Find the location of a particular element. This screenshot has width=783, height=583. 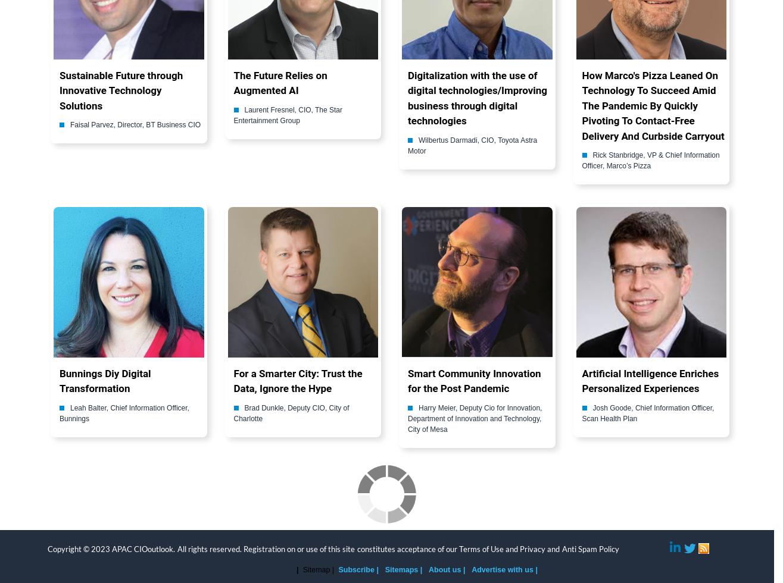

'Laurent Fresnel, CIO, The Star Entertainment Group' is located at coordinates (233, 114).